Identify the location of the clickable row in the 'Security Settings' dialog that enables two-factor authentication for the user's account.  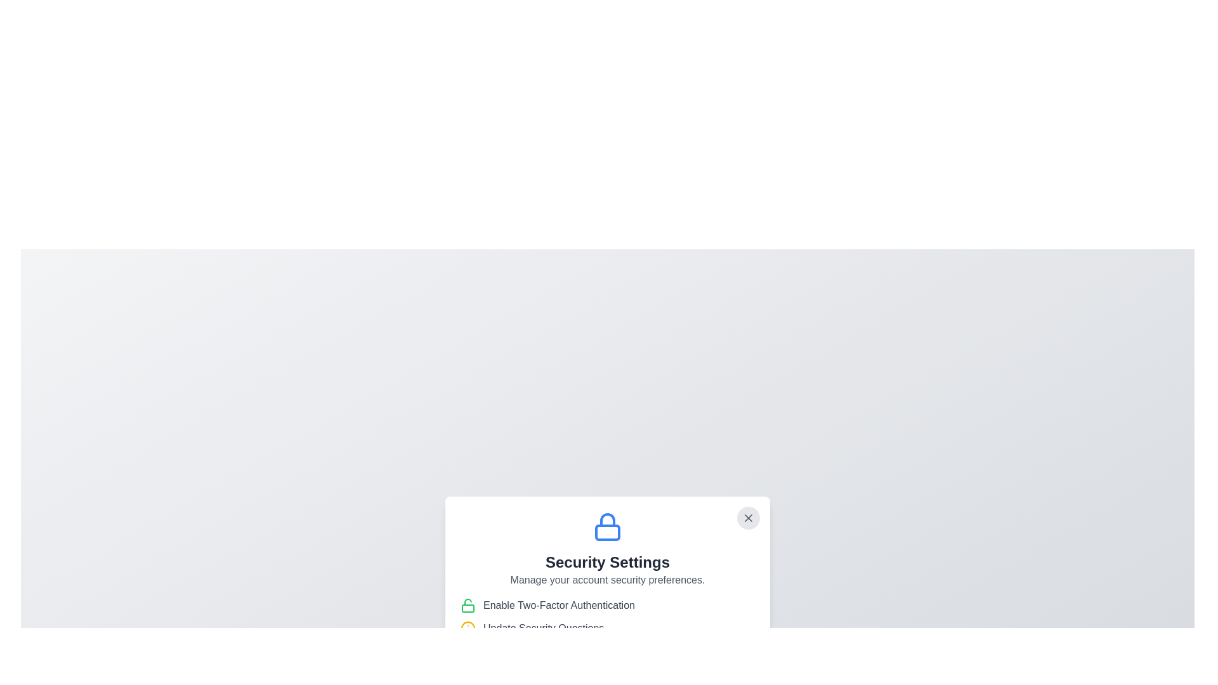
(607, 616).